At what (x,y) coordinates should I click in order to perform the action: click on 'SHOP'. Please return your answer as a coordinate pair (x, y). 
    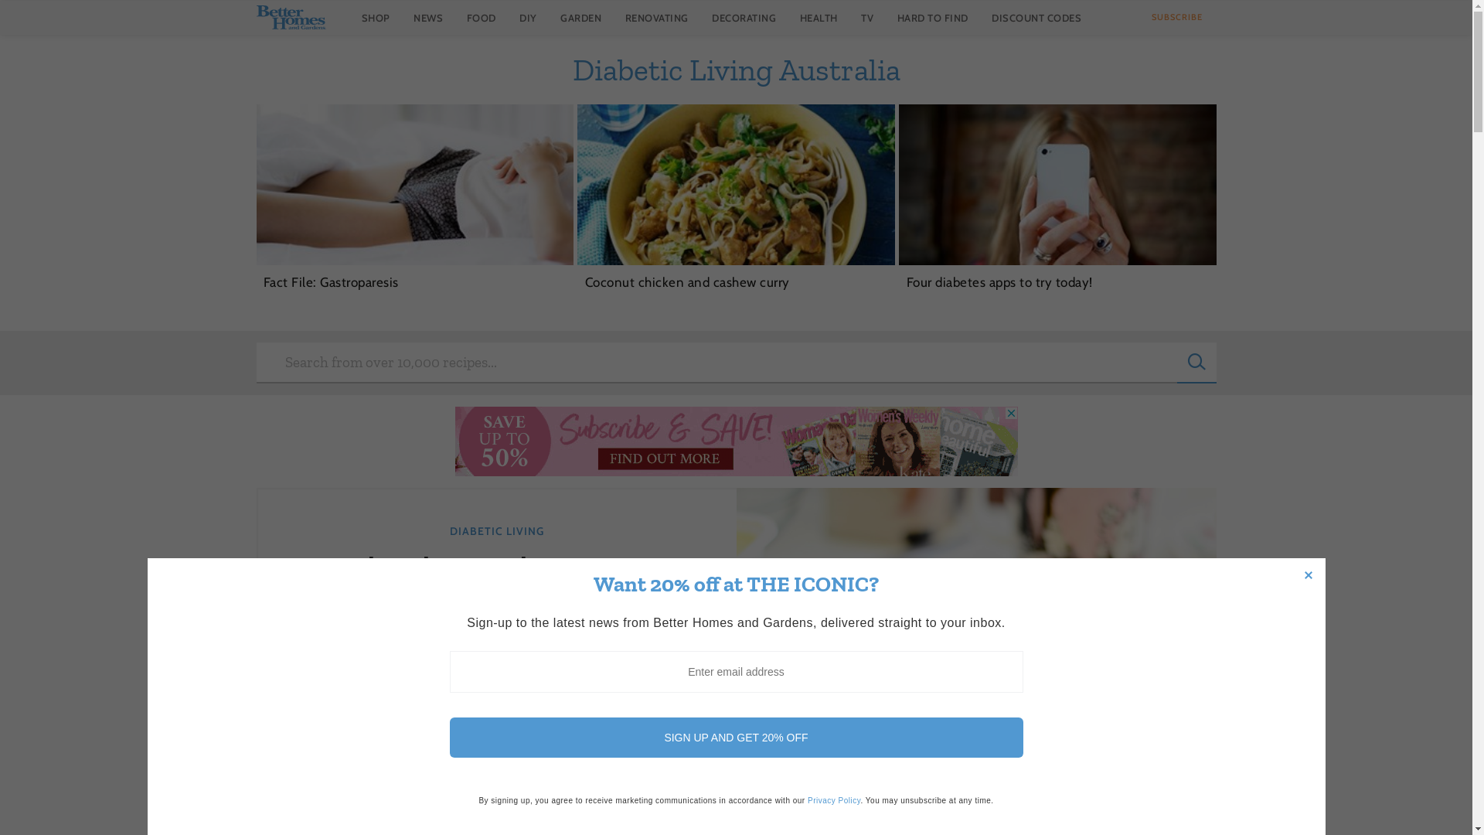
    Looking at the image, I should click on (376, 17).